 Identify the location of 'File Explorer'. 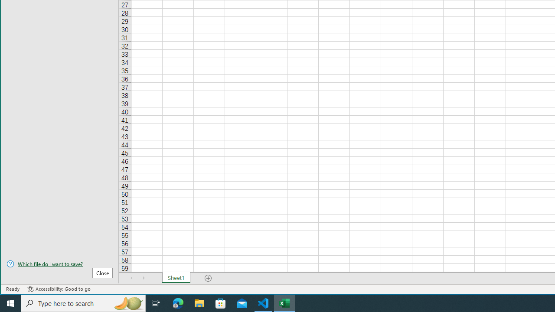
(199, 302).